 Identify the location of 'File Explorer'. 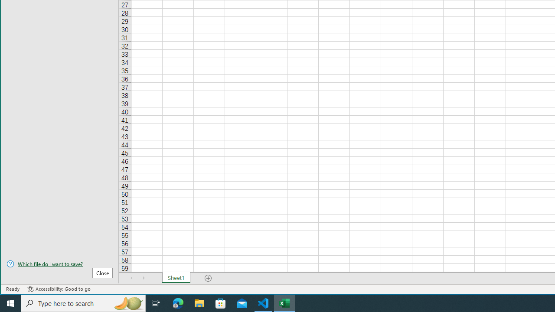
(199, 302).